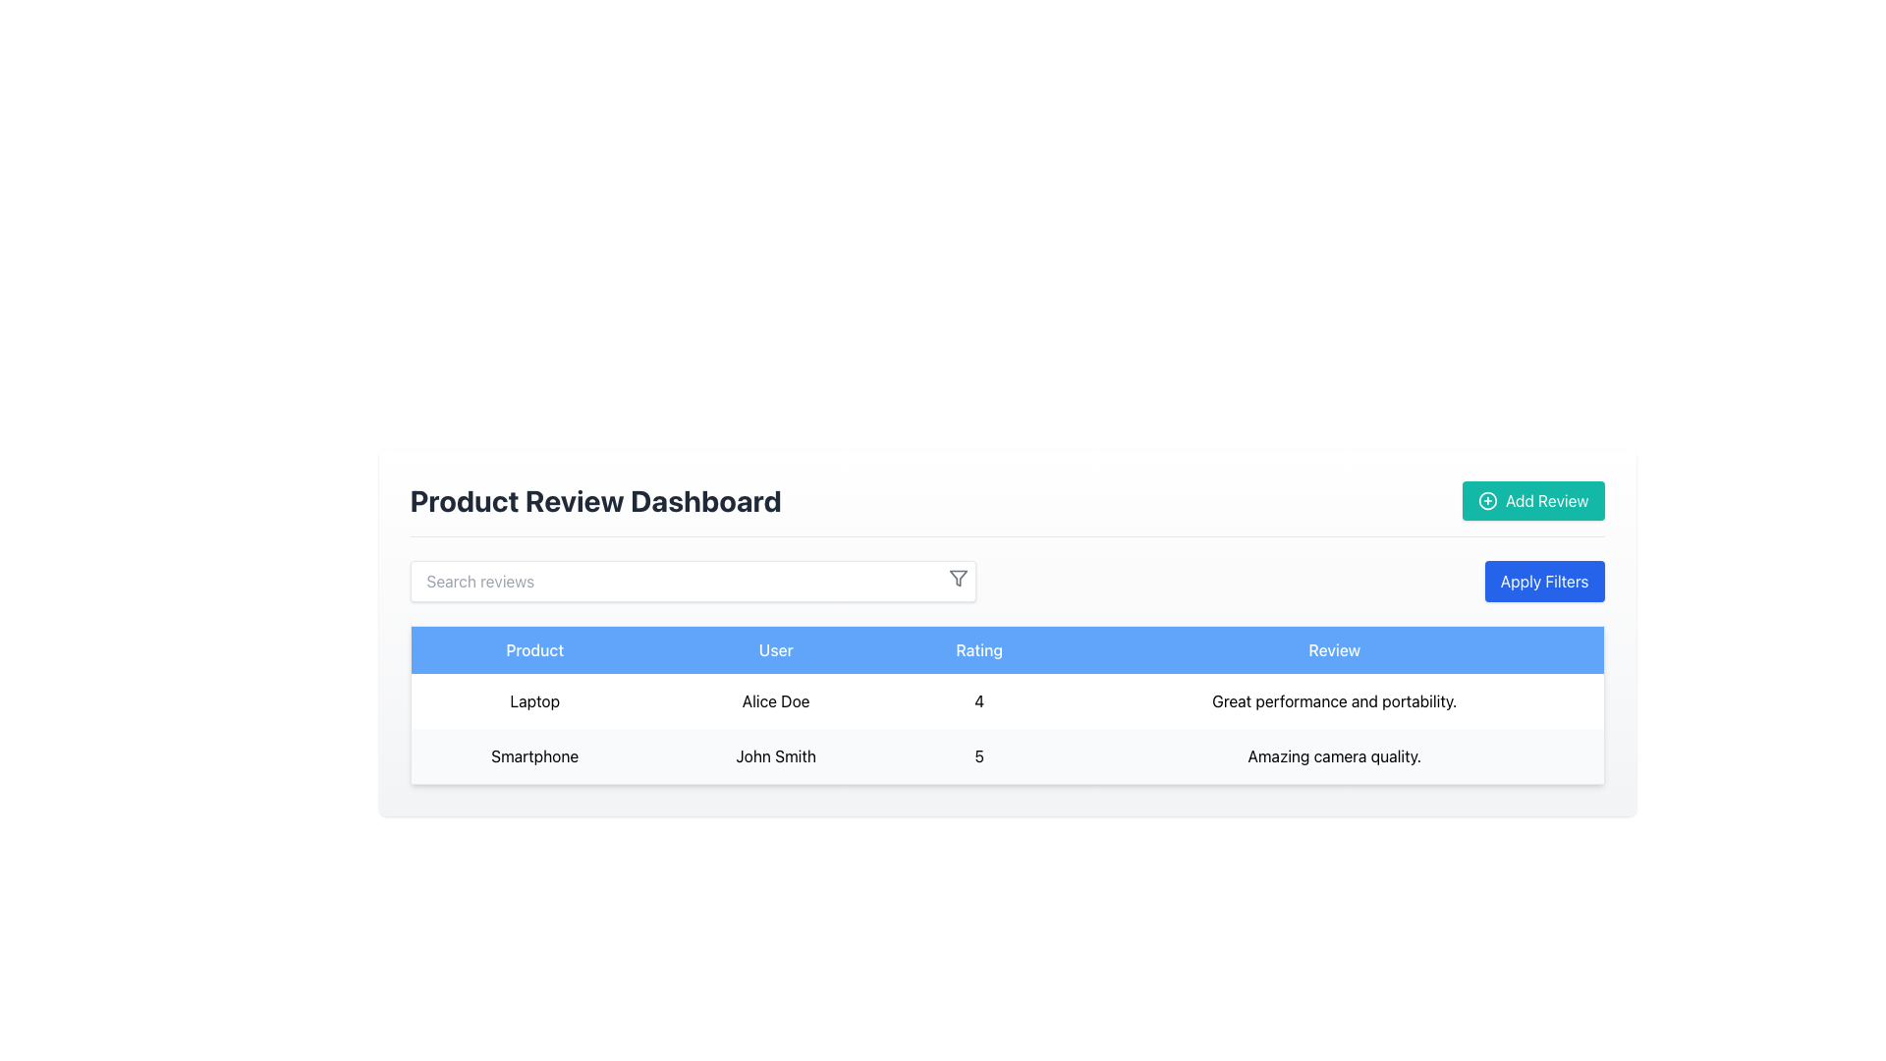 The height and width of the screenshot is (1061, 1886). I want to click on the centered text label reading 'Product', which is styled in bold against a light blue background, located in the header section of the table, so click(534, 649).